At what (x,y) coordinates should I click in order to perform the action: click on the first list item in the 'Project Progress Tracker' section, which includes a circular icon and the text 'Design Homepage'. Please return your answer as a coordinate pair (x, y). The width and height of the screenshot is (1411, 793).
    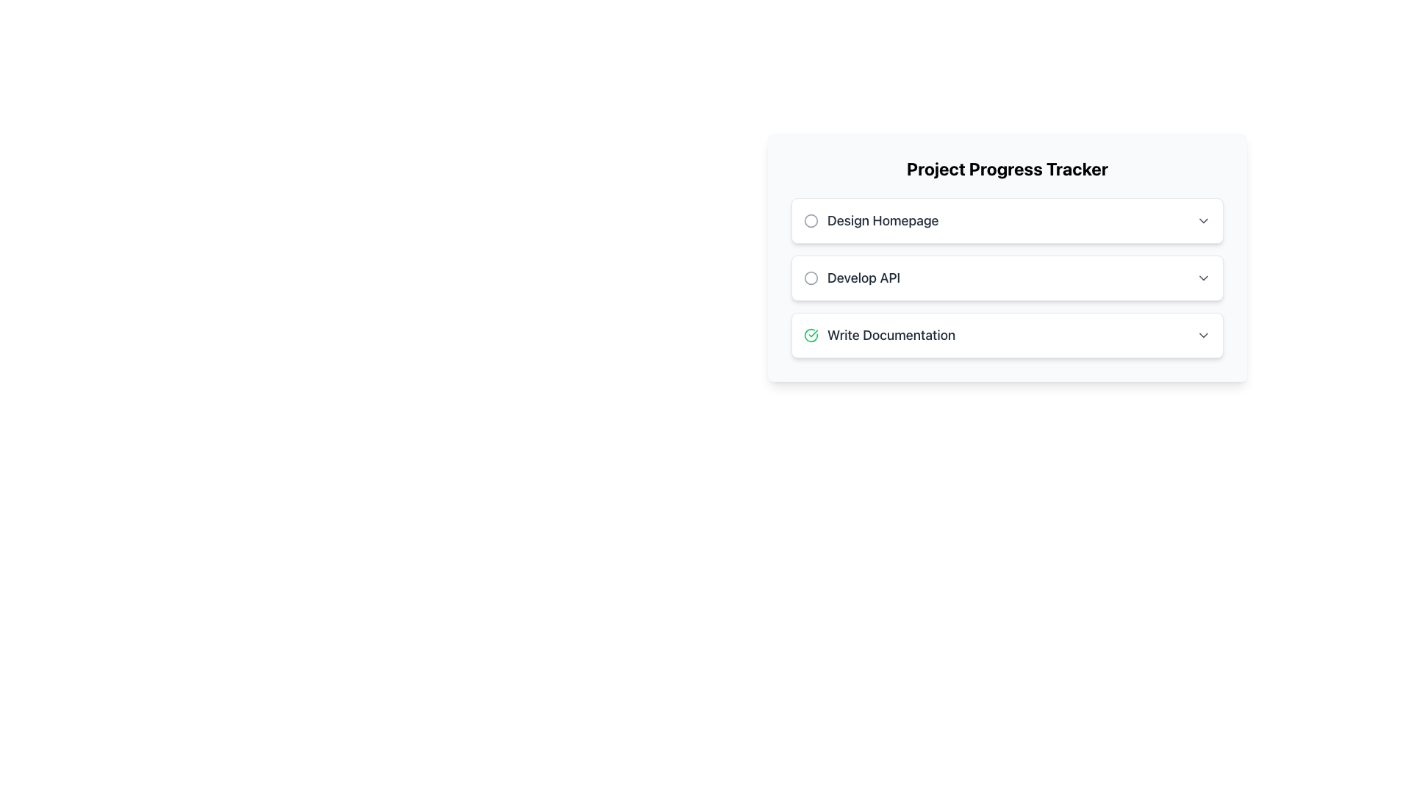
    Looking at the image, I should click on (871, 220).